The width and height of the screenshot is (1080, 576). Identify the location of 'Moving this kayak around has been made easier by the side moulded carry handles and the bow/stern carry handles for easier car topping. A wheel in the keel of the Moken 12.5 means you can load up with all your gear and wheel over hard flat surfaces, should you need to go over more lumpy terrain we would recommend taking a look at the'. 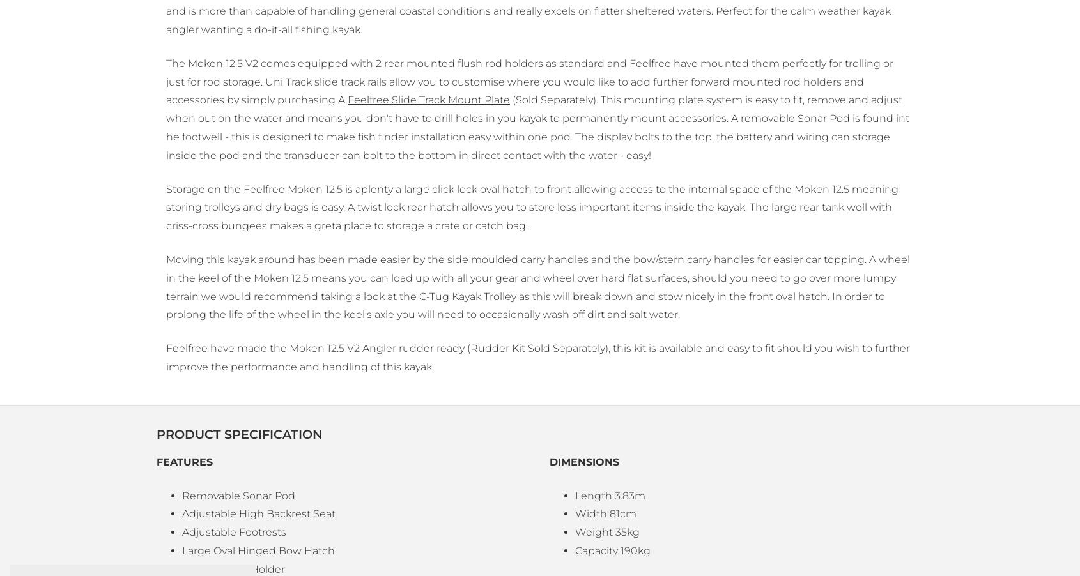
(537, 277).